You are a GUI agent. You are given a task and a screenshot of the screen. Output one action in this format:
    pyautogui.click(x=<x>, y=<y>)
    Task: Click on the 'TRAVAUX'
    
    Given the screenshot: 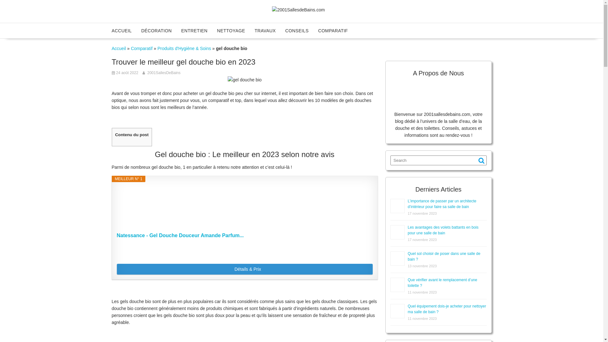 What is the action you would take?
    pyautogui.click(x=265, y=30)
    